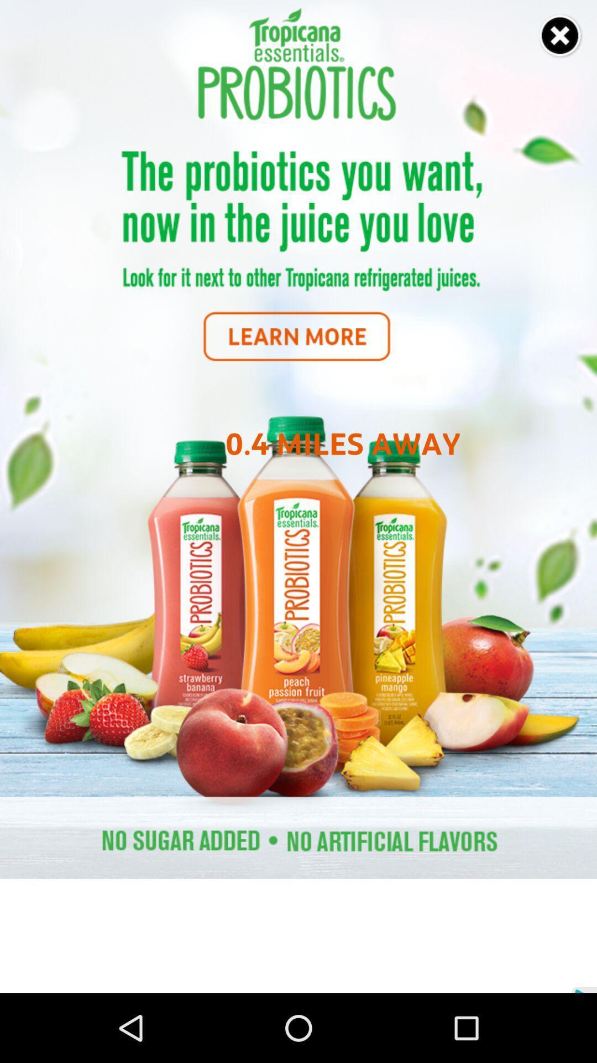 This screenshot has width=597, height=1063. Describe the element at coordinates (561, 36) in the screenshot. I see `exit advertisement` at that location.